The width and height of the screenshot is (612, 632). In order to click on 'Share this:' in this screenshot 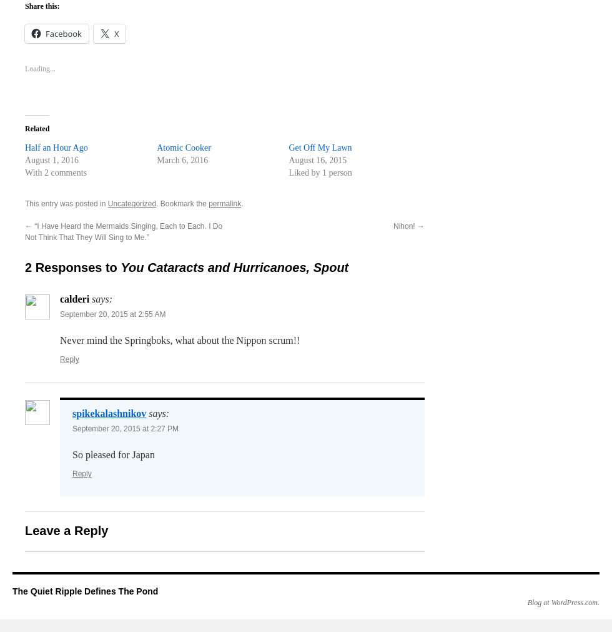, I will do `click(24, 6)`.